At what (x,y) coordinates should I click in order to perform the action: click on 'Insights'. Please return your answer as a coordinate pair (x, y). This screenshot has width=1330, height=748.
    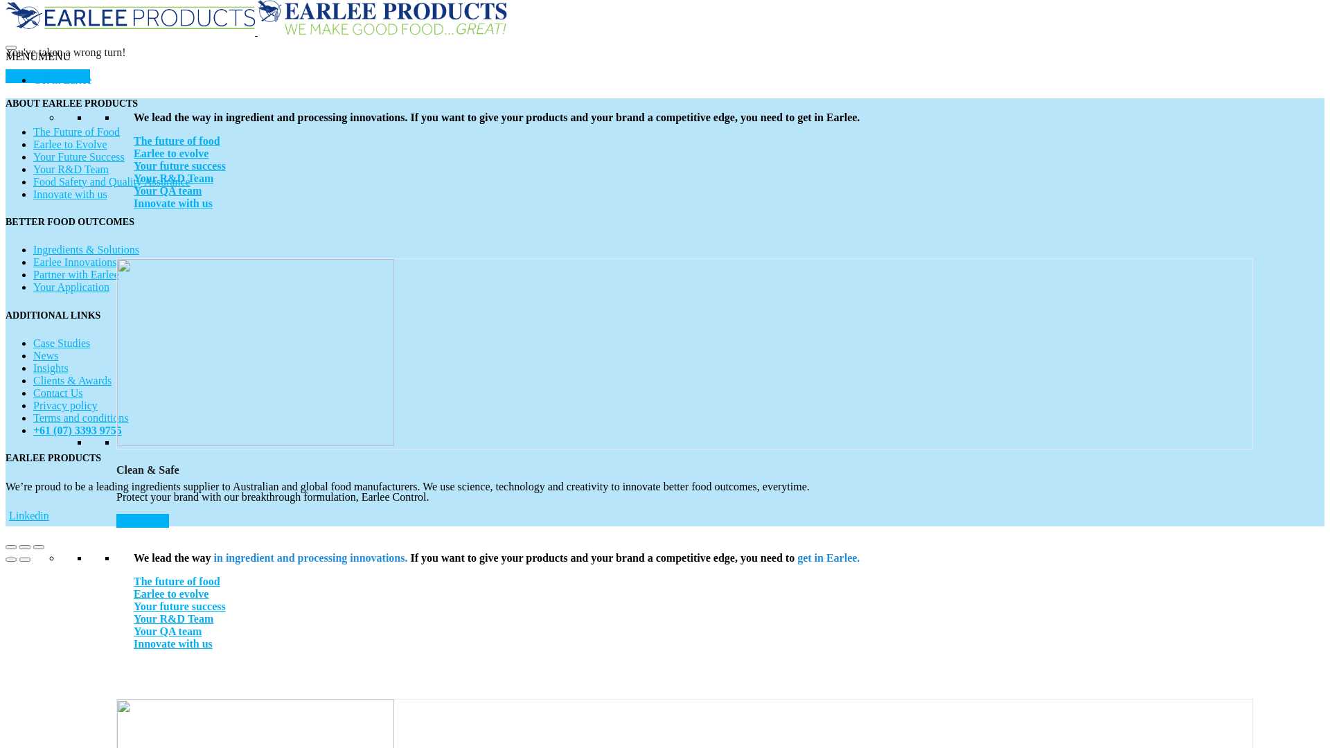
    Looking at the image, I should click on (51, 367).